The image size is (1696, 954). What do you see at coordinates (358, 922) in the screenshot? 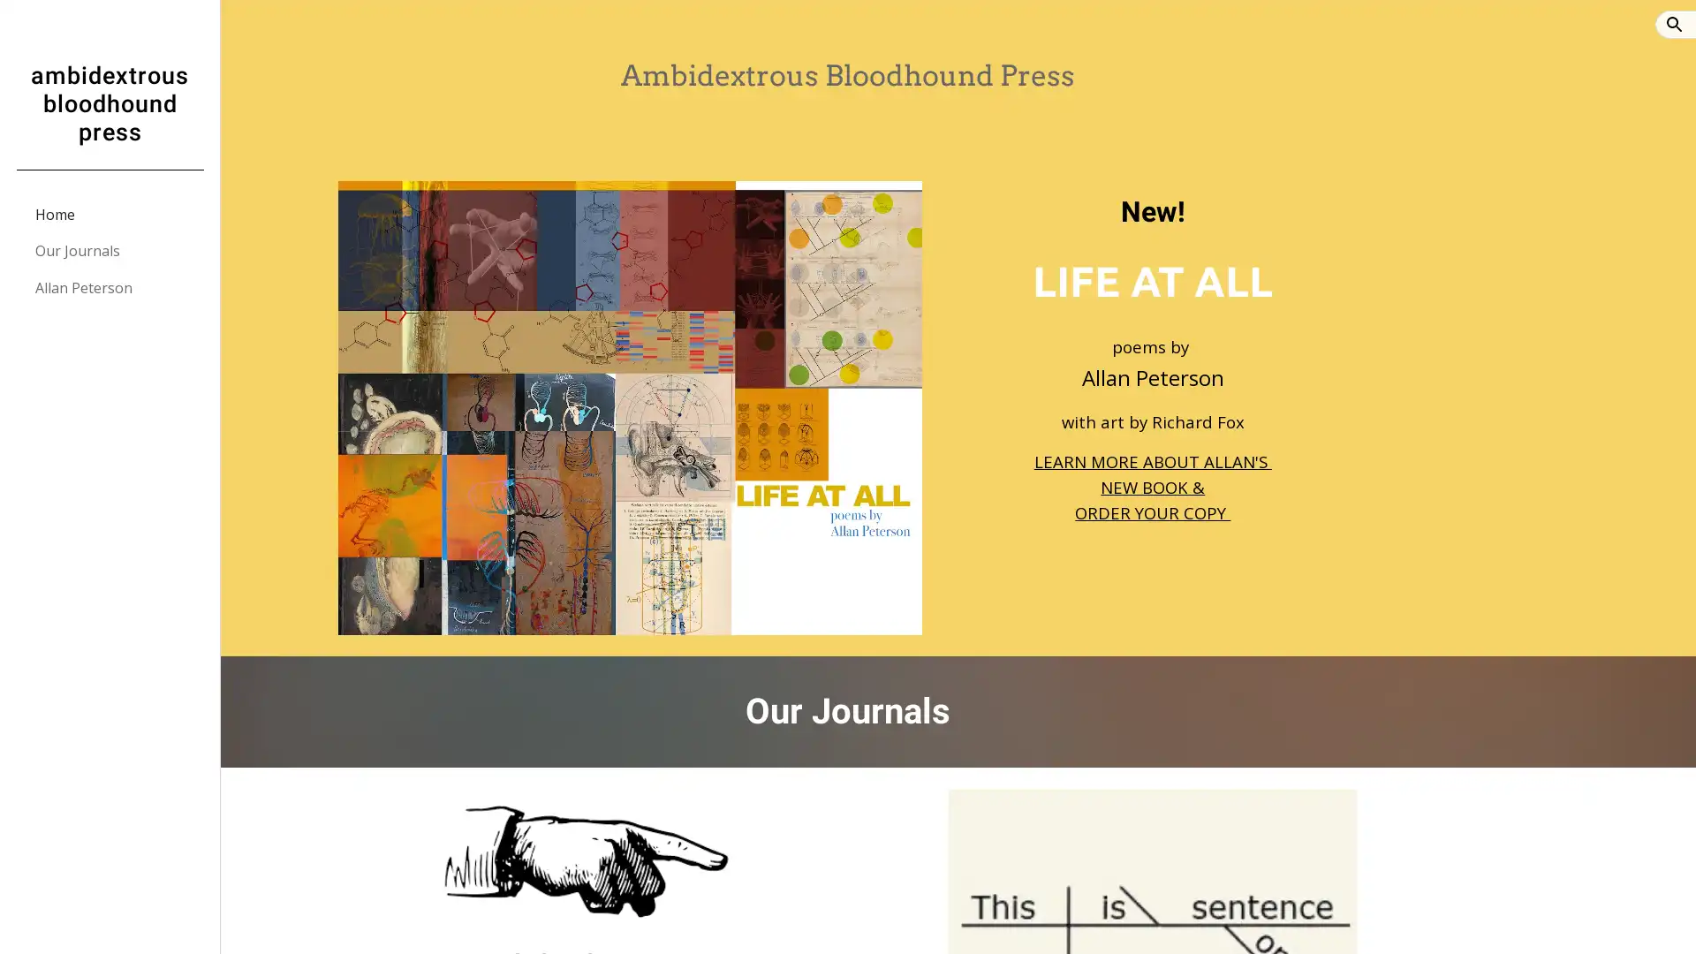
I see `Google Sites` at bounding box center [358, 922].